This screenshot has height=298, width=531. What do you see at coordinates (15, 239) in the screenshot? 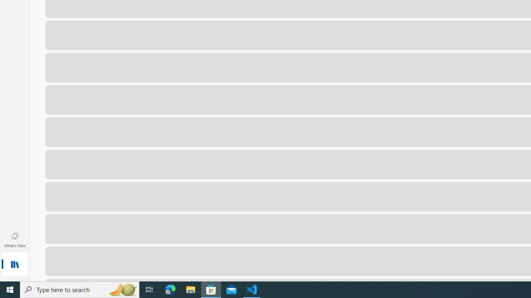
I see `'What'` at bounding box center [15, 239].